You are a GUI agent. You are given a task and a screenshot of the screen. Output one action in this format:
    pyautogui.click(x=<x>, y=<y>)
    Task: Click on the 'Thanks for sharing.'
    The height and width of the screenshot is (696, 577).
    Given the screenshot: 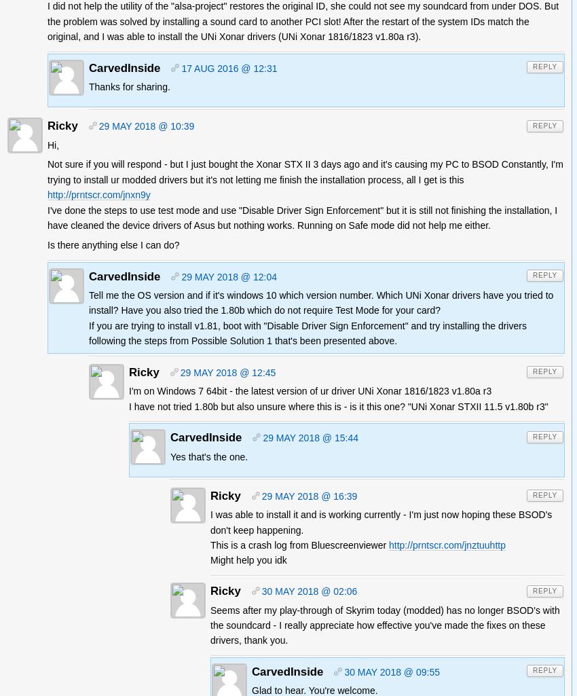 What is the action you would take?
    pyautogui.click(x=88, y=87)
    